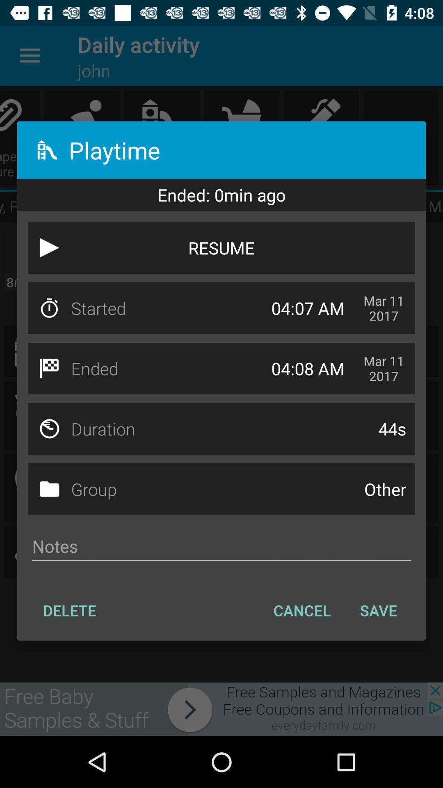 The height and width of the screenshot is (788, 443). Describe the element at coordinates (302, 610) in the screenshot. I see `cancel item` at that location.